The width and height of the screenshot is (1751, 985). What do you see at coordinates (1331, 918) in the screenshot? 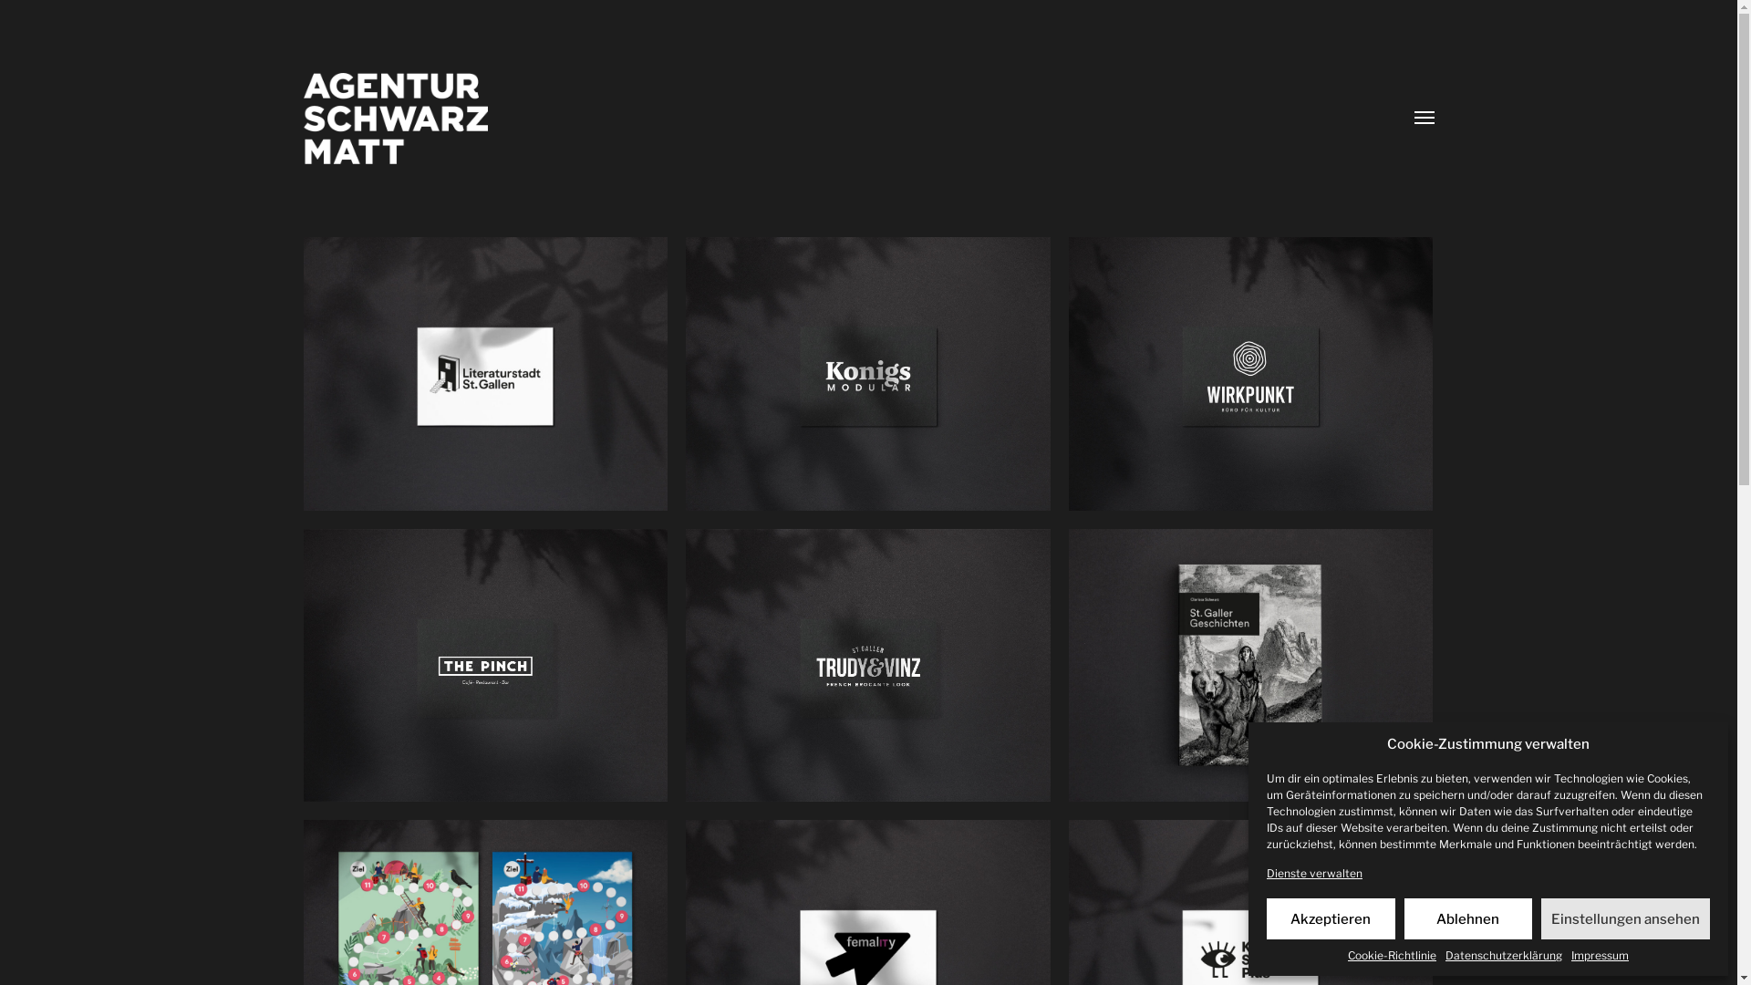
I see `'Akzeptieren'` at bounding box center [1331, 918].